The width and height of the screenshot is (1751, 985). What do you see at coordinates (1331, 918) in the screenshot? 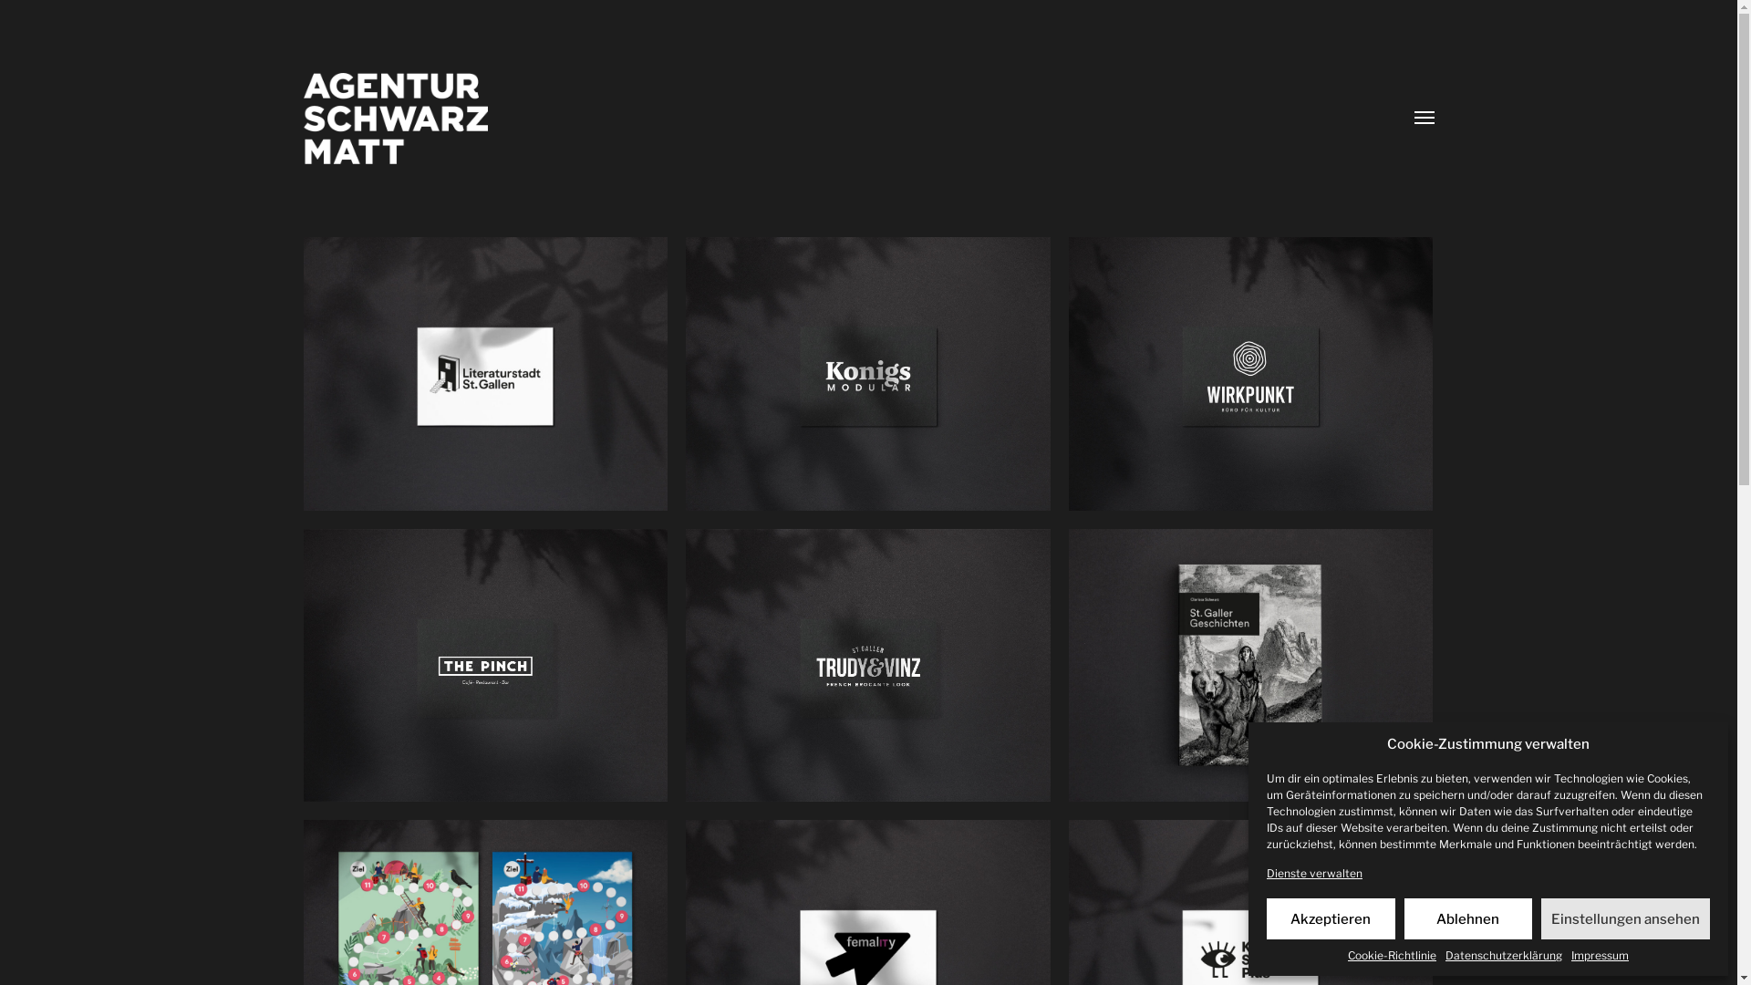
I see `'Akzeptieren'` at bounding box center [1331, 918].